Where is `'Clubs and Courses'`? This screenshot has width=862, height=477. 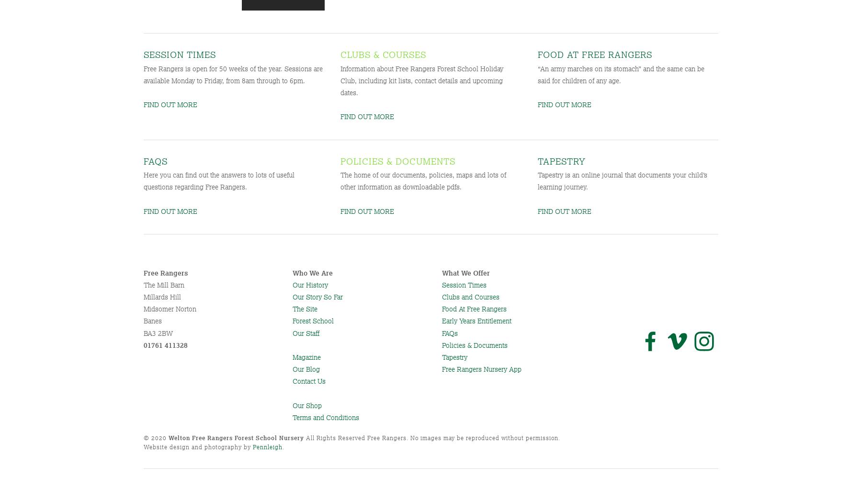
'Clubs and Courses' is located at coordinates (441, 297).